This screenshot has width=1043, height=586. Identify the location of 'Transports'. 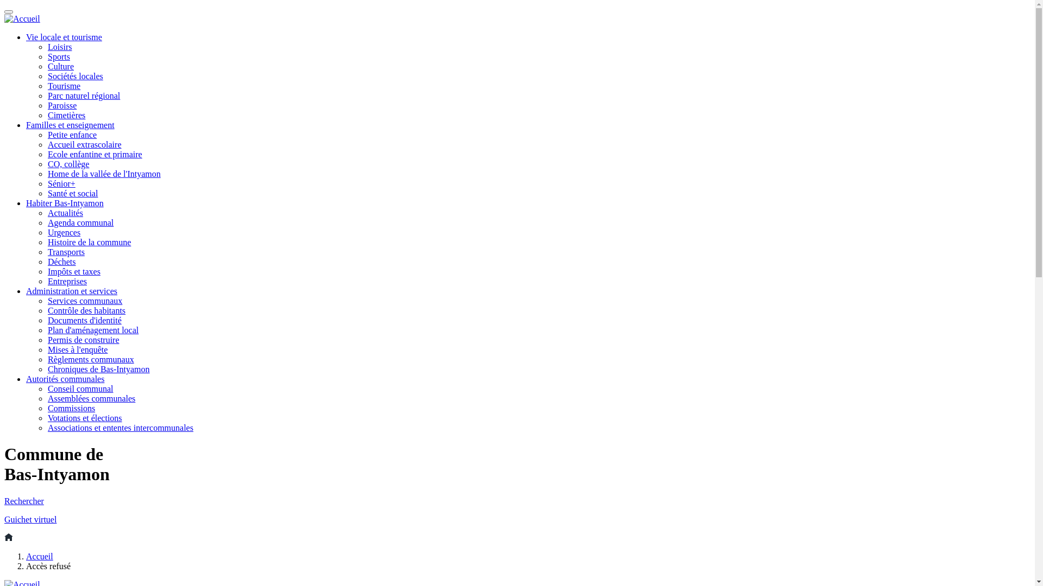
(65, 252).